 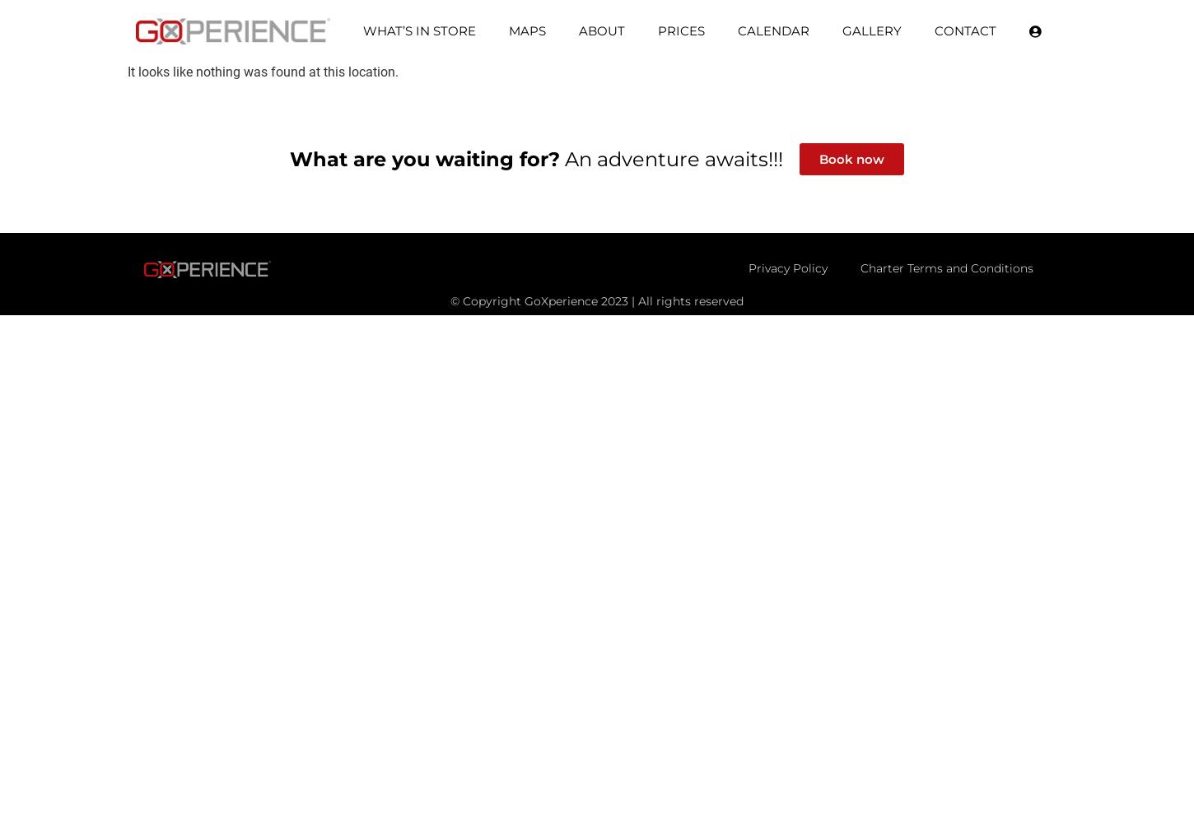 What do you see at coordinates (361, 30) in the screenshot?
I see `'What’s In Store'` at bounding box center [361, 30].